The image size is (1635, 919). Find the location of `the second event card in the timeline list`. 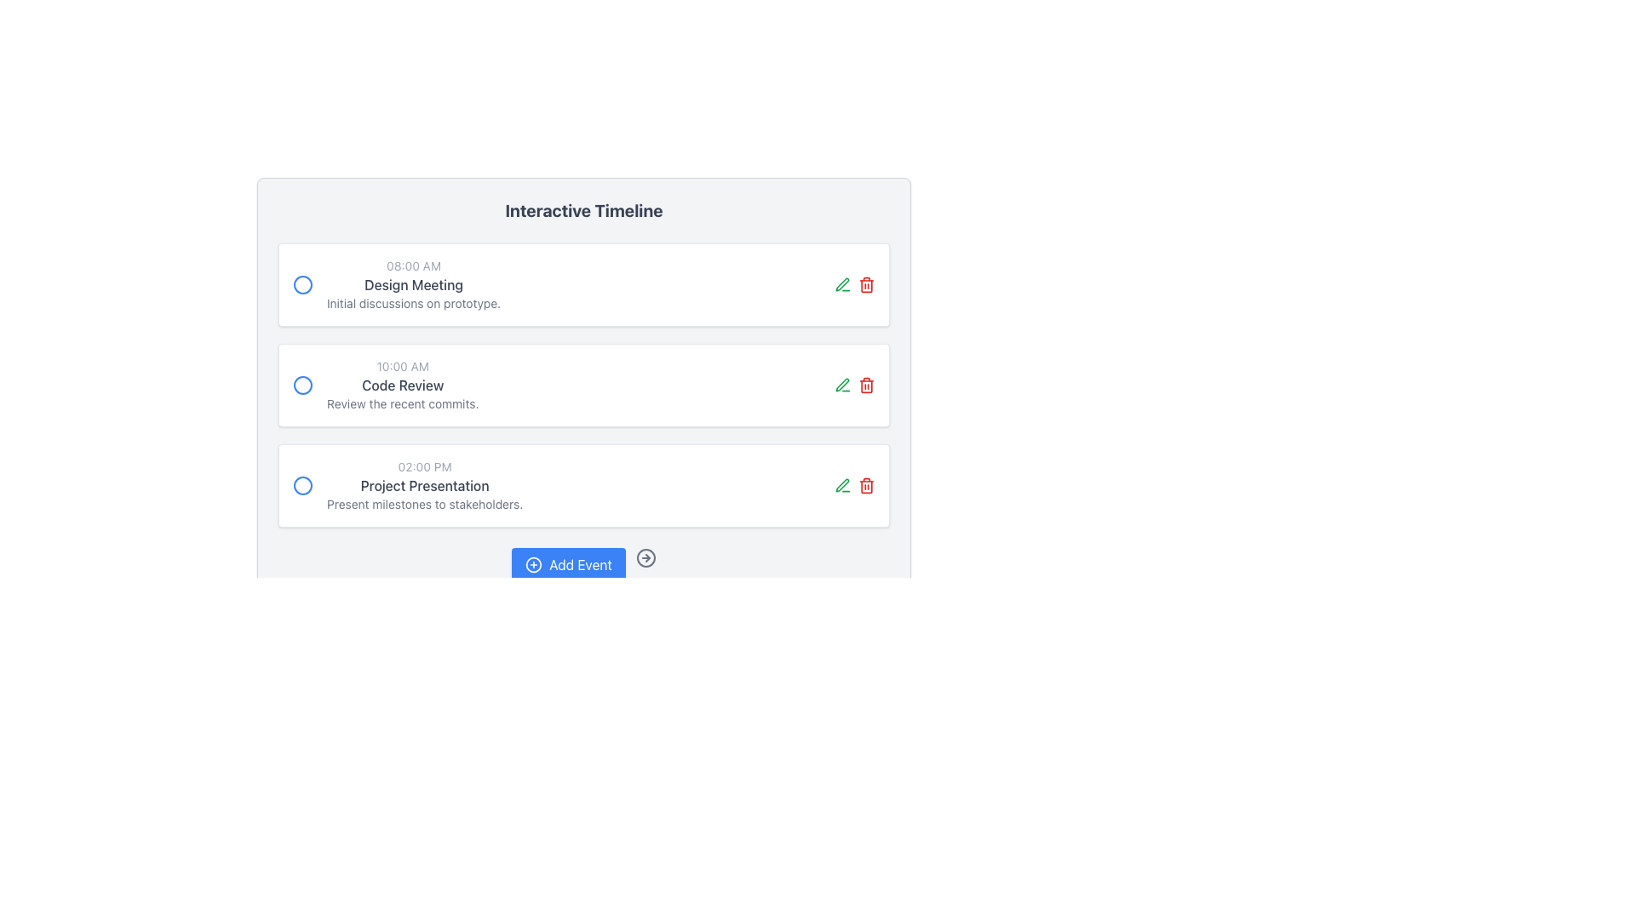

the second event card in the timeline list is located at coordinates (584, 385).